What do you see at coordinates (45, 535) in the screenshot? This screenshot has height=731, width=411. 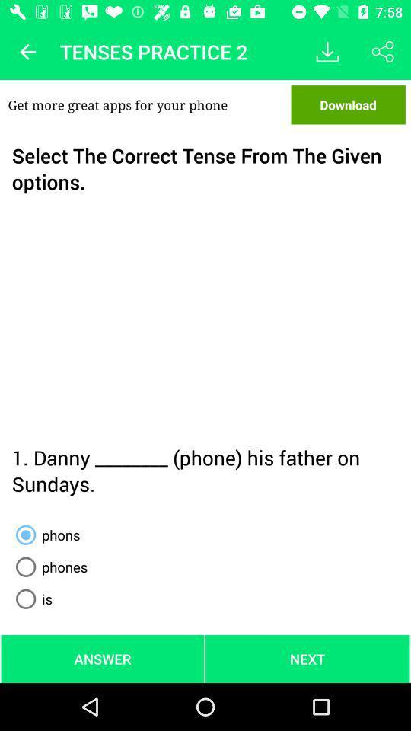 I see `icon above phones radio button` at bounding box center [45, 535].